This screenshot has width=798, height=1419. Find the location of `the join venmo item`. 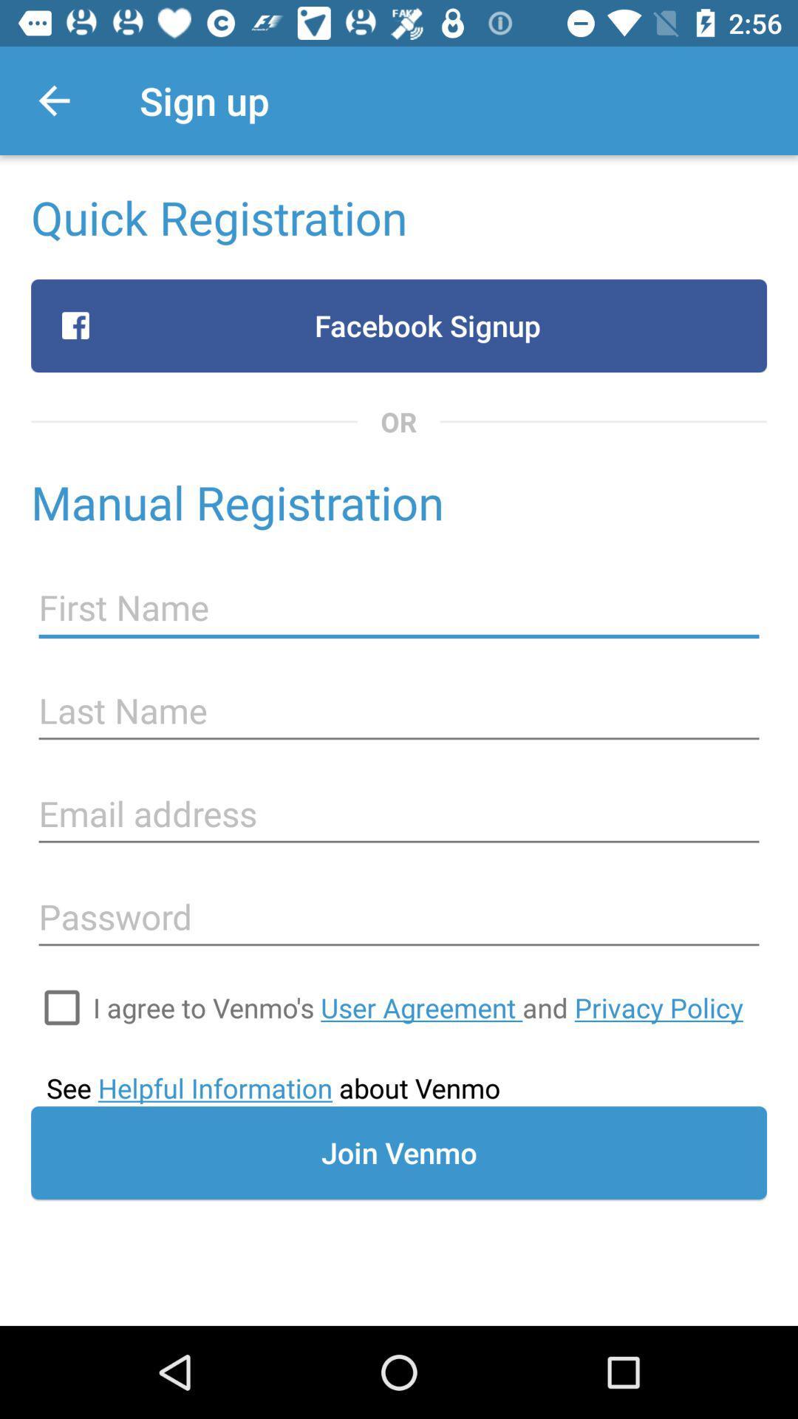

the join venmo item is located at coordinates (399, 1152).